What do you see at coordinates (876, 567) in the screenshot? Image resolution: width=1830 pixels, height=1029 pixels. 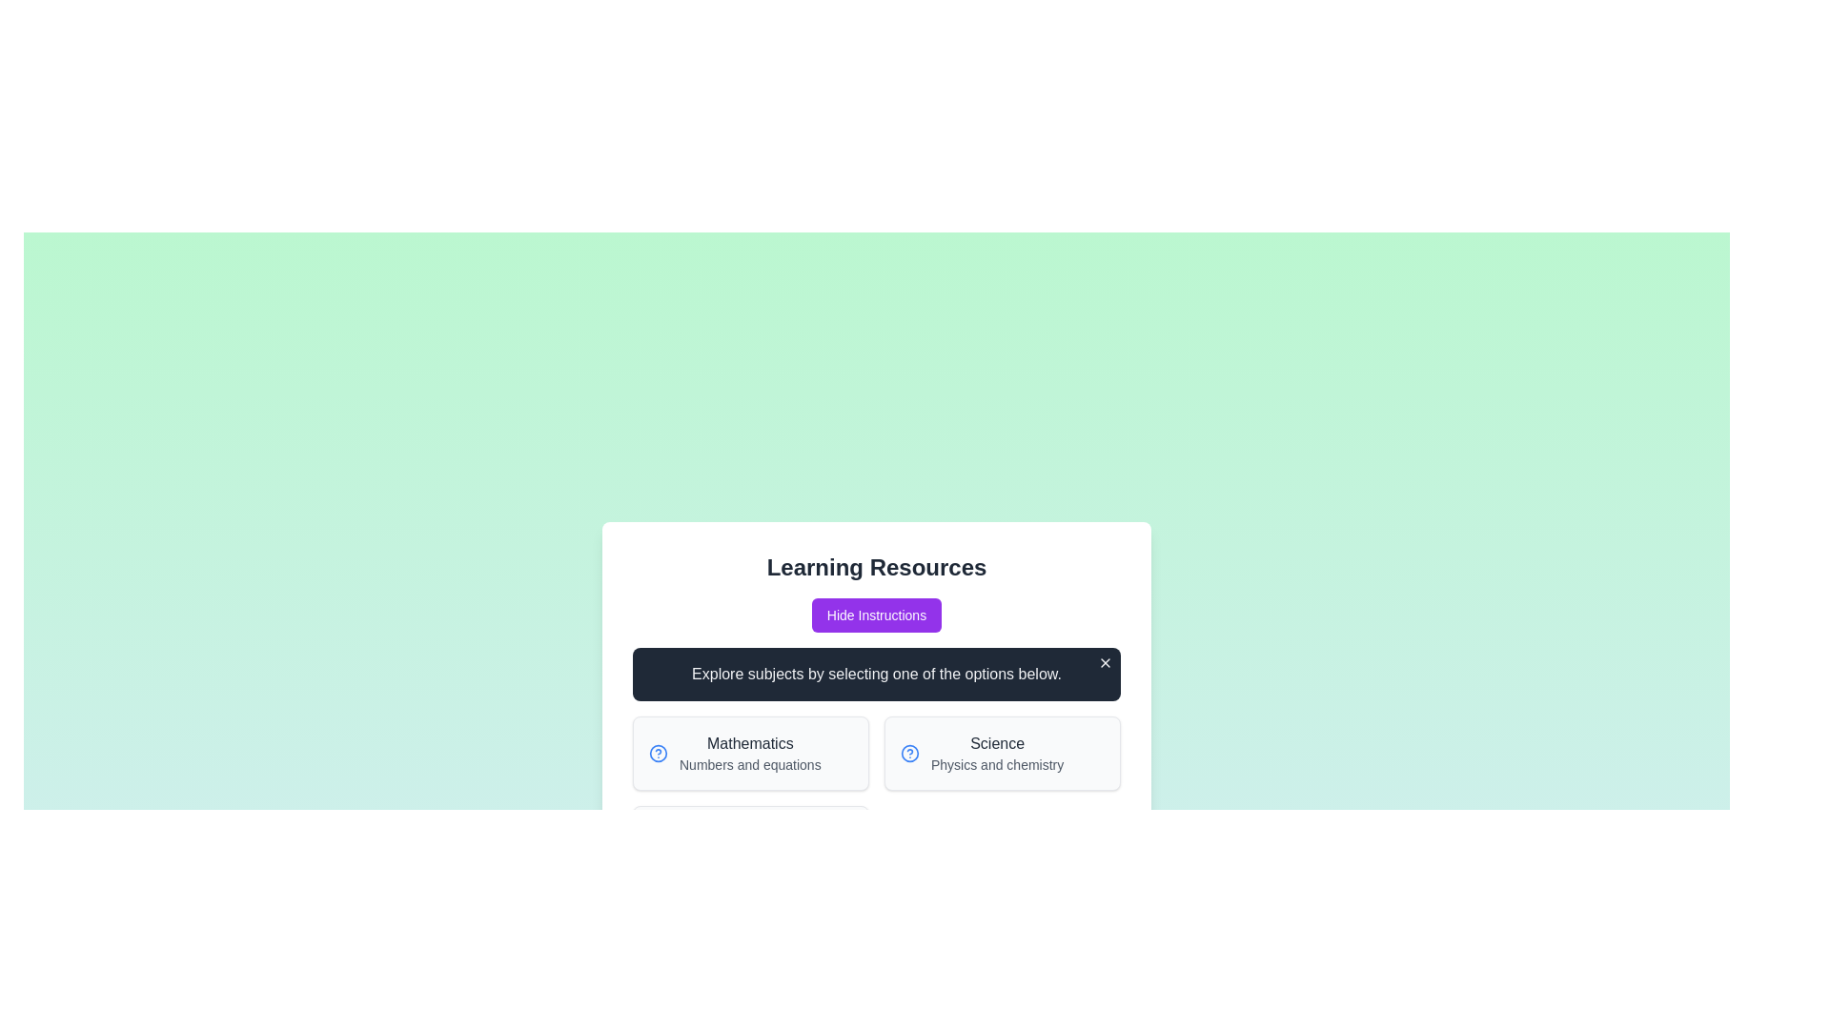 I see `the 'Learning Resources' Text Display (Header) element, which serves as the heading for the section and is centrally positioned in the card above other elements` at bounding box center [876, 567].